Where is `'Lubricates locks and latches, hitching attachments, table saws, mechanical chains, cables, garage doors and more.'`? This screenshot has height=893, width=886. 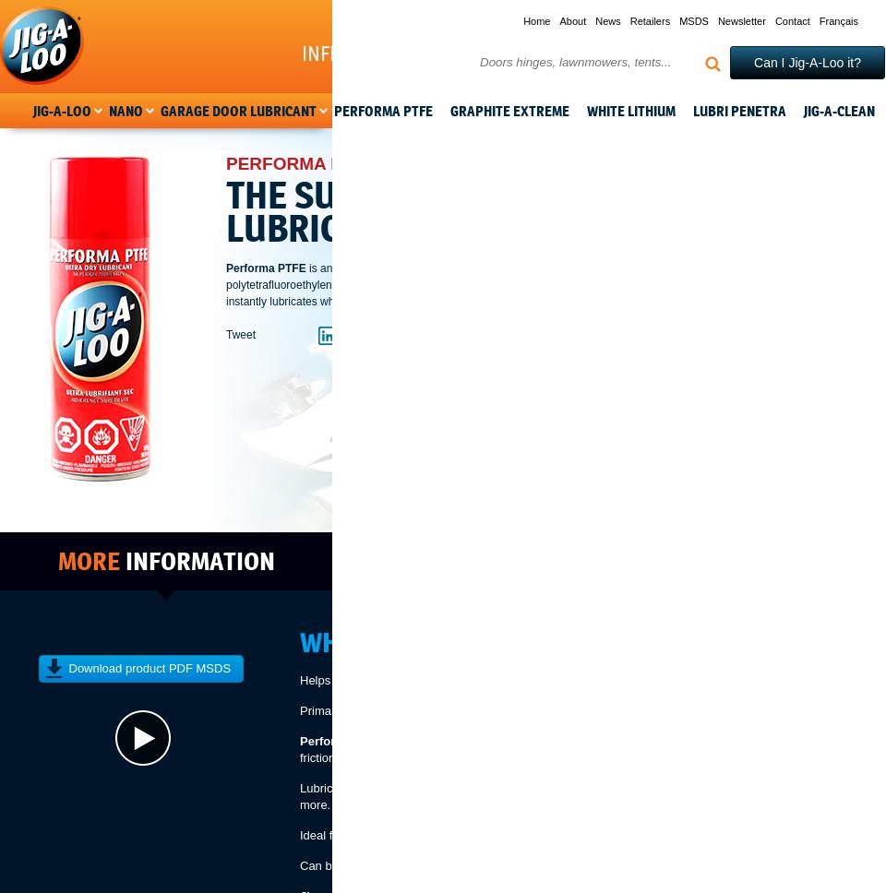 'Lubricates locks and latches, hitching attachments, table saws, mechanical chains, cables, garage doors and more.' is located at coordinates (588, 795).